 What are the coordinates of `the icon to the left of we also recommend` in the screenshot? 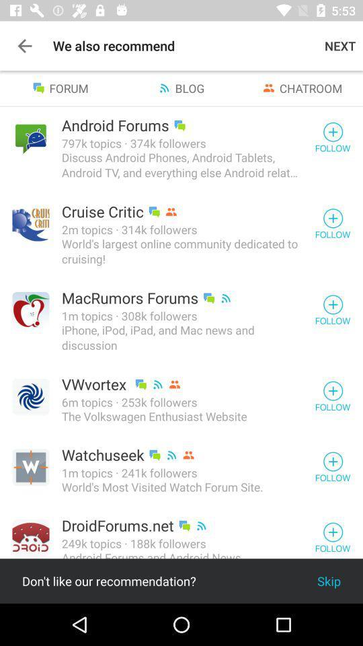 It's located at (24, 46).